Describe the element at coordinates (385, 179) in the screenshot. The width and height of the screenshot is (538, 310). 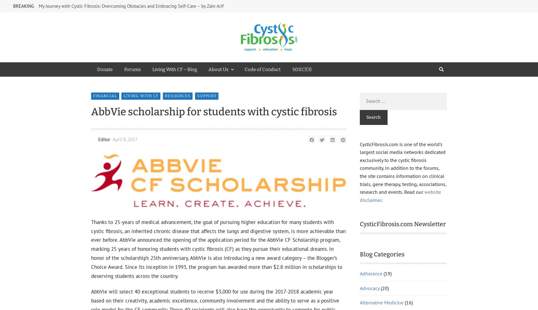
I see `'Gastrointestinal Disease'` at that location.